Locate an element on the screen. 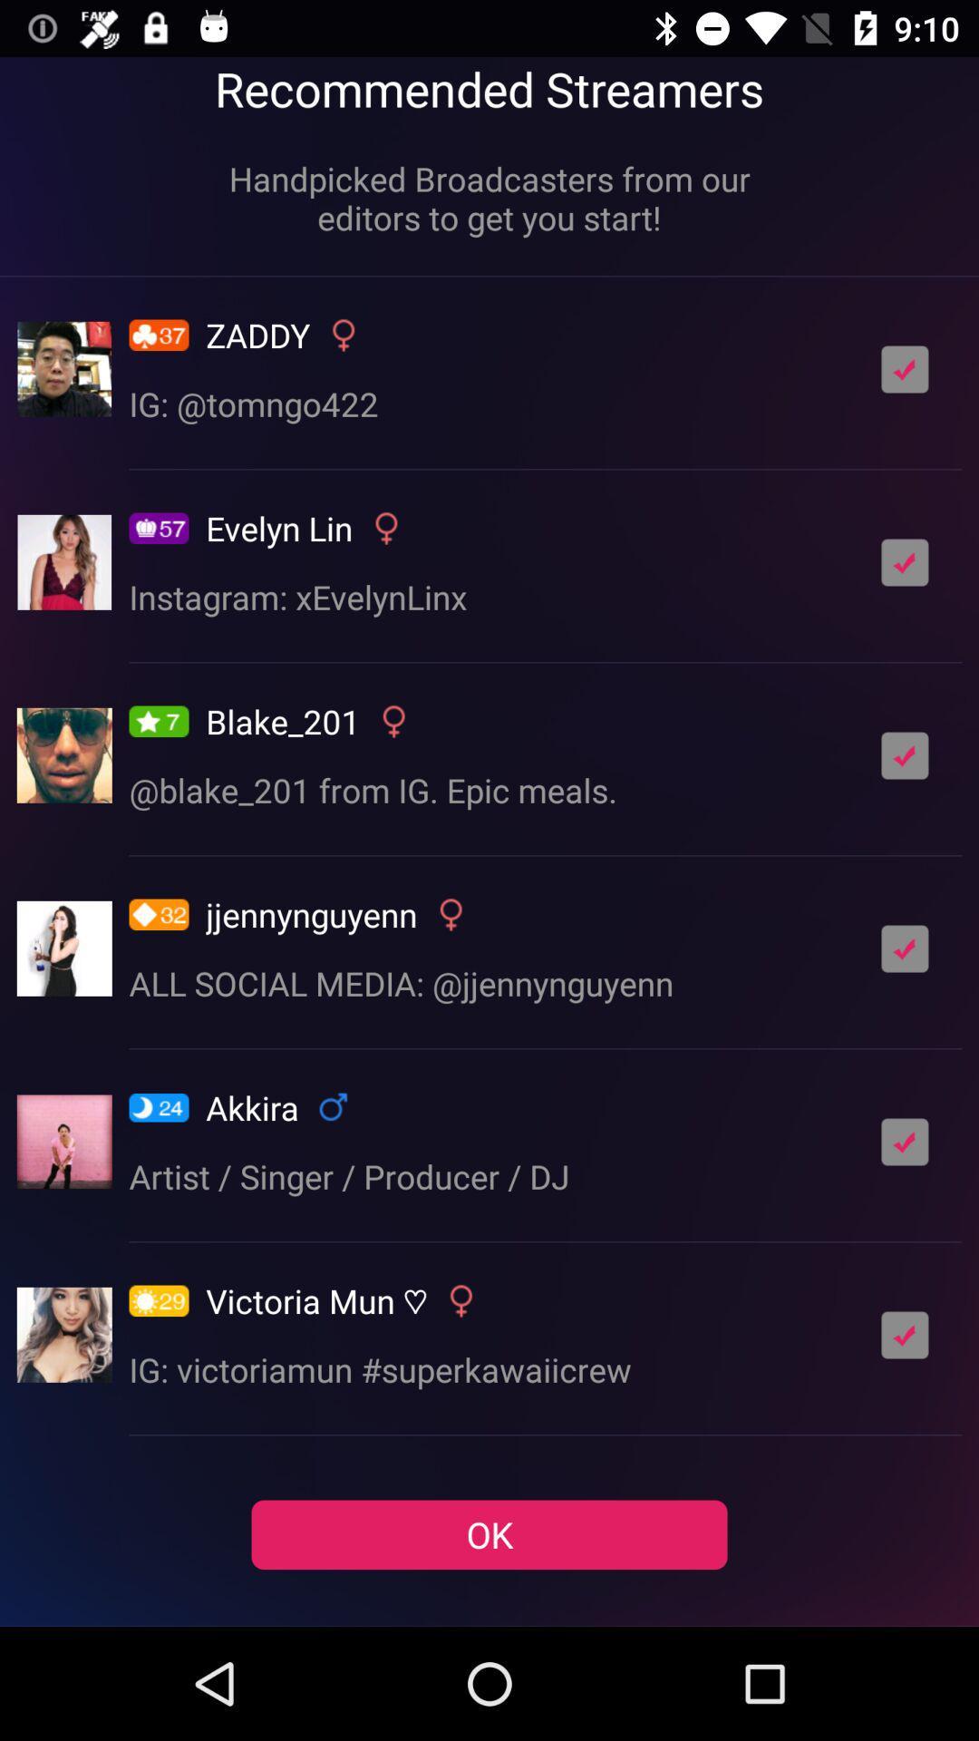  ok is located at coordinates (905, 1141).